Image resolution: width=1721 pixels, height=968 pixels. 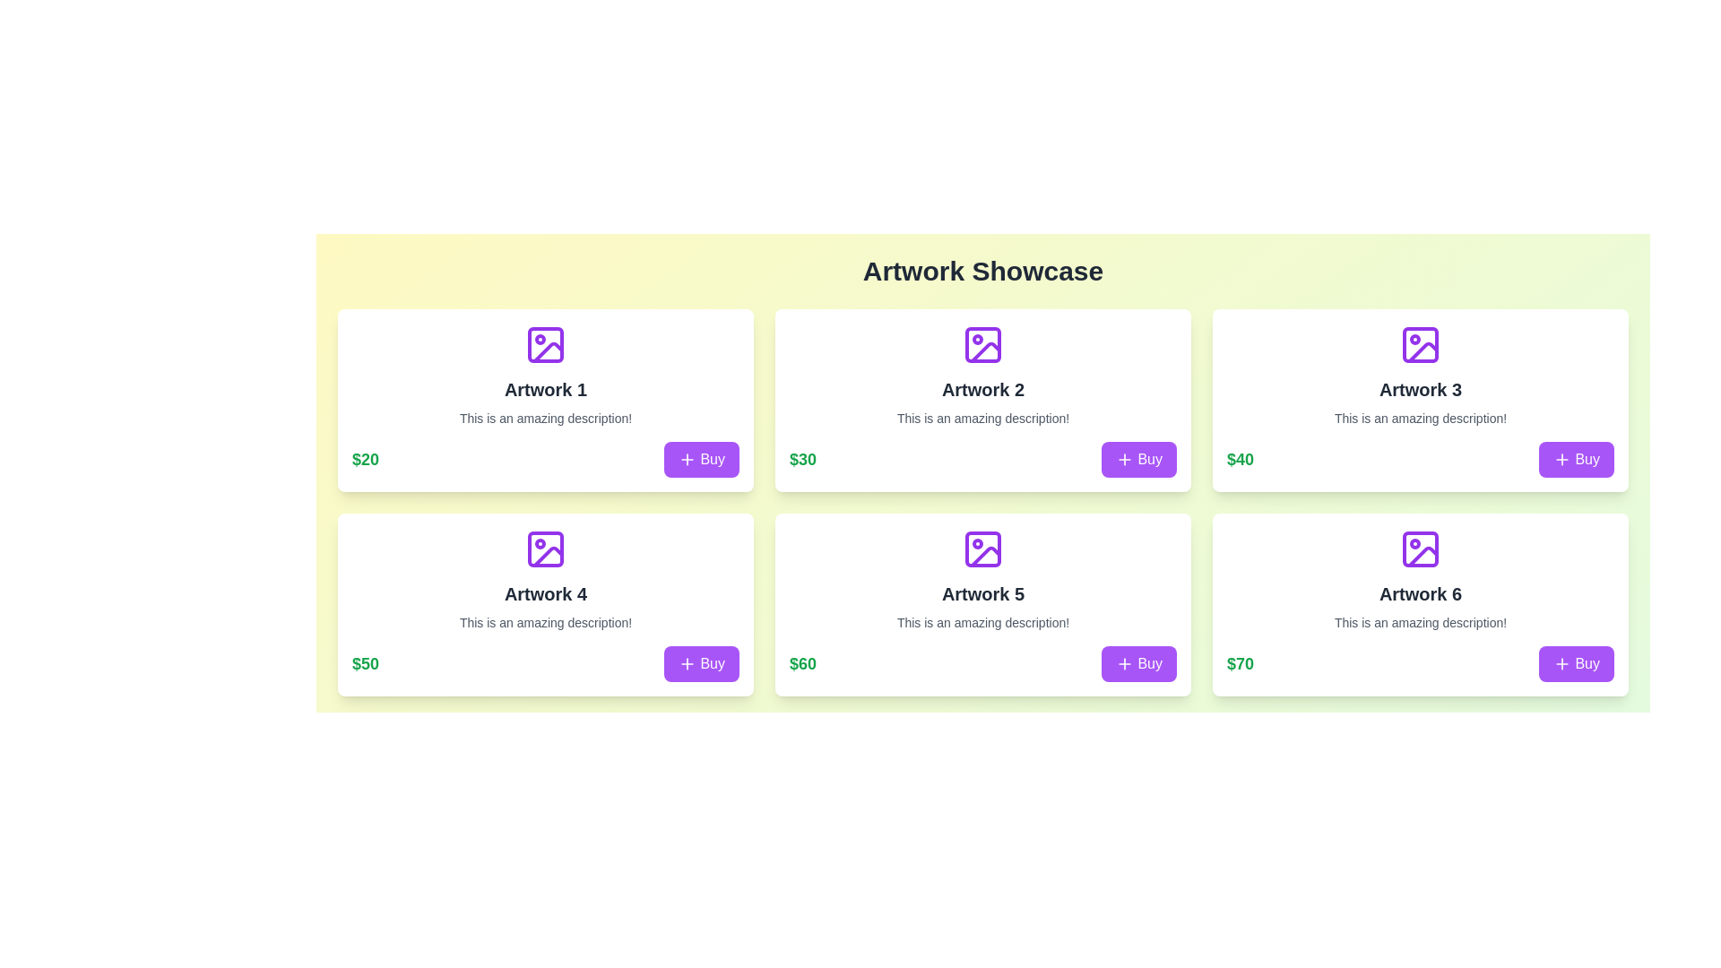 What do you see at coordinates (982, 418) in the screenshot?
I see `the informational Text Label located within the second card of the grid layout, positioned below the title 'Artwork 2' and above the price and 'Buy' button` at bounding box center [982, 418].